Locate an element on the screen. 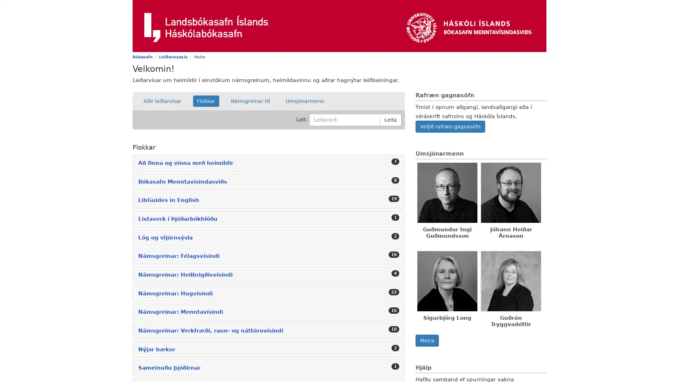 The height and width of the screenshot is (382, 679). Flokkar is located at coordinates (205, 101).